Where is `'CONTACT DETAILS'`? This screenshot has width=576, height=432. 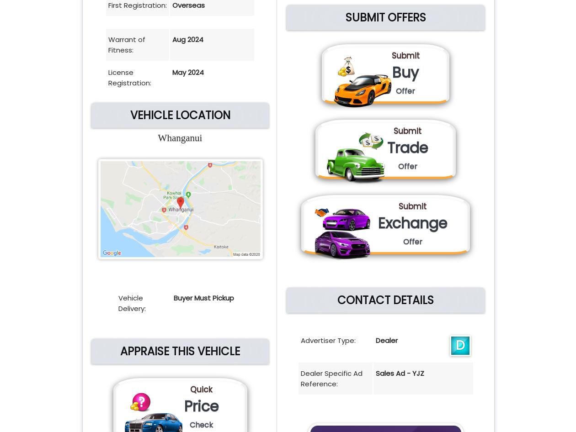
'CONTACT DETAILS' is located at coordinates (385, 300).